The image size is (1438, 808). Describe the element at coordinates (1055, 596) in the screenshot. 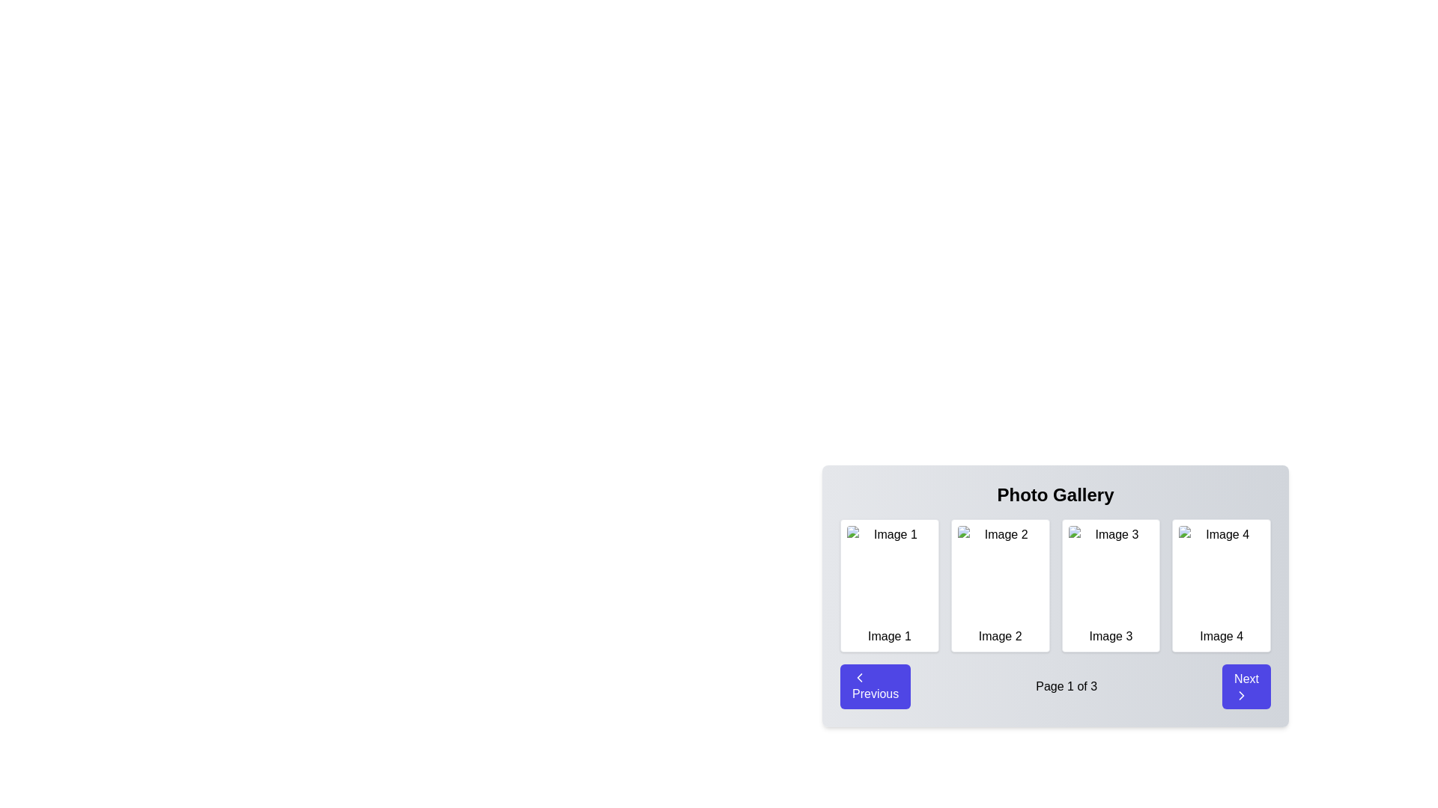

I see `the image card within the interactive photo gallery element` at that location.